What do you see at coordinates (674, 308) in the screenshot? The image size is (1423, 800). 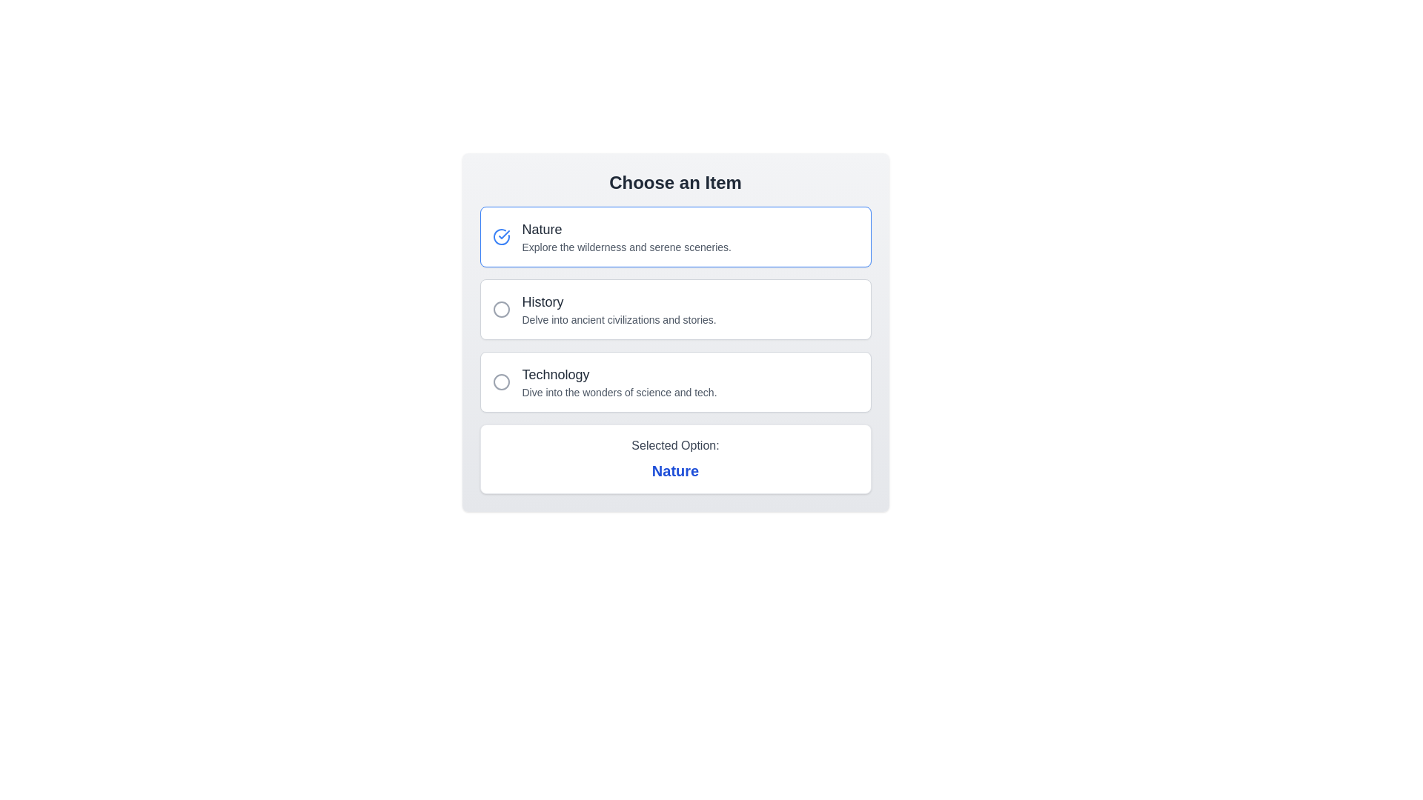 I see `the second selectable item in the vertically arranged Option Selector, located between 'Nature' and 'Technology'` at bounding box center [674, 308].